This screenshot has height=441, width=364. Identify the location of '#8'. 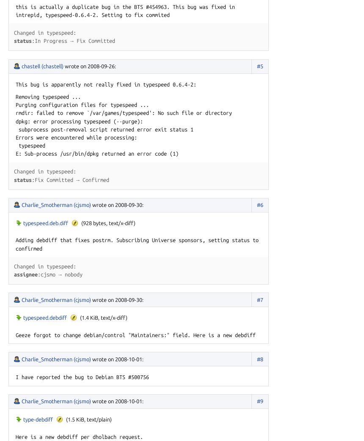
(259, 358).